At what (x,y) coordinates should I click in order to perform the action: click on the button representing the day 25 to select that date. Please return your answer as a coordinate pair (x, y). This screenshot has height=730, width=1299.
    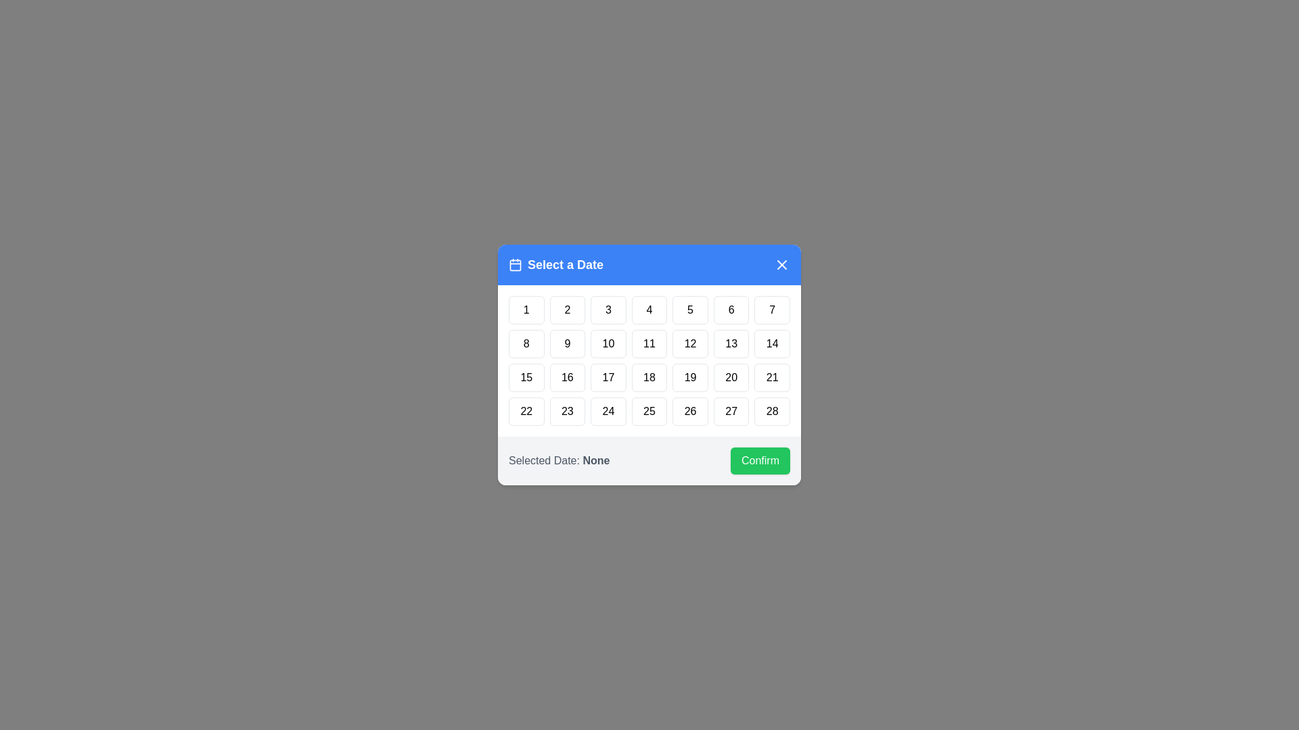
    Looking at the image, I should click on (649, 411).